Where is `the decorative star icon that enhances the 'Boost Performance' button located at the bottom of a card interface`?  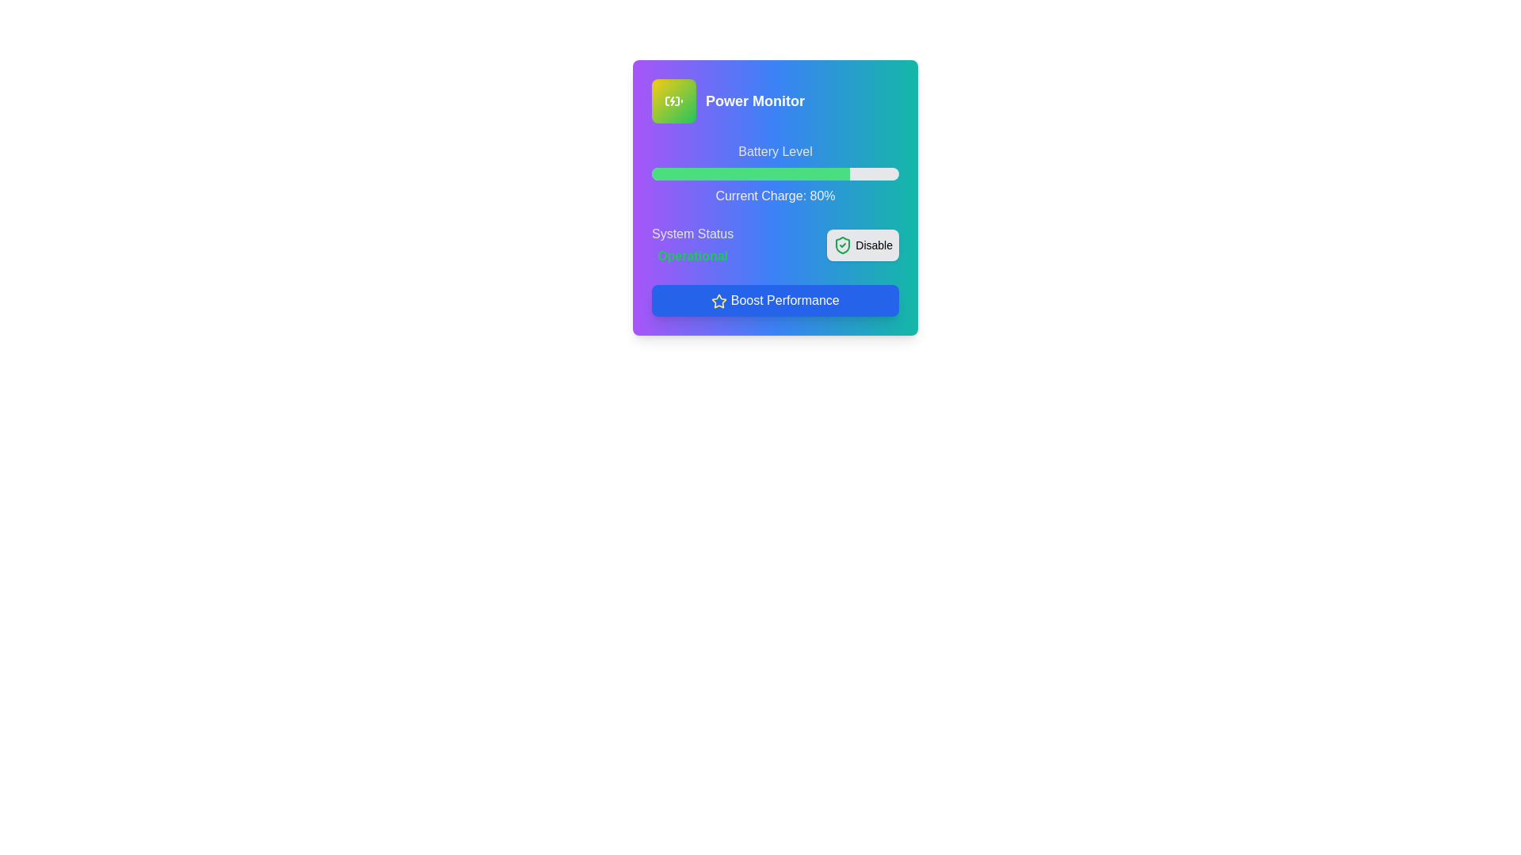 the decorative star icon that enhances the 'Boost Performance' button located at the bottom of a card interface is located at coordinates (718, 301).